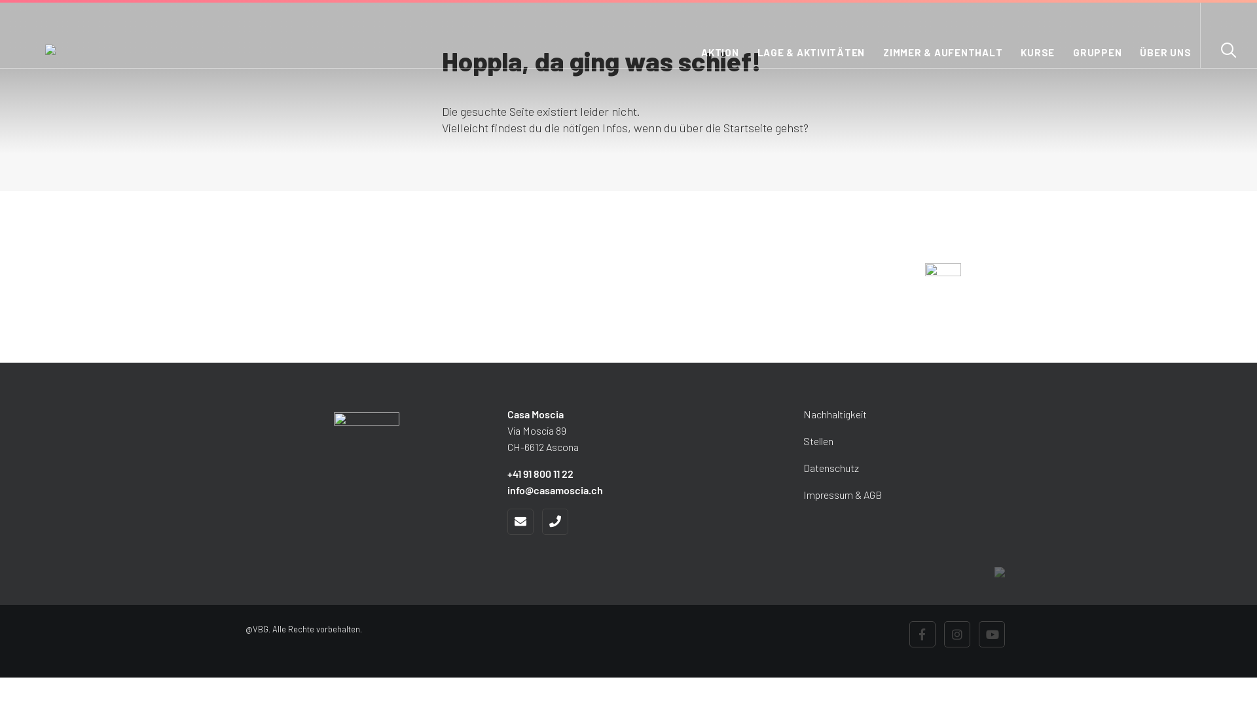  Describe the element at coordinates (719, 57) in the screenshot. I see `'AKTION'` at that location.